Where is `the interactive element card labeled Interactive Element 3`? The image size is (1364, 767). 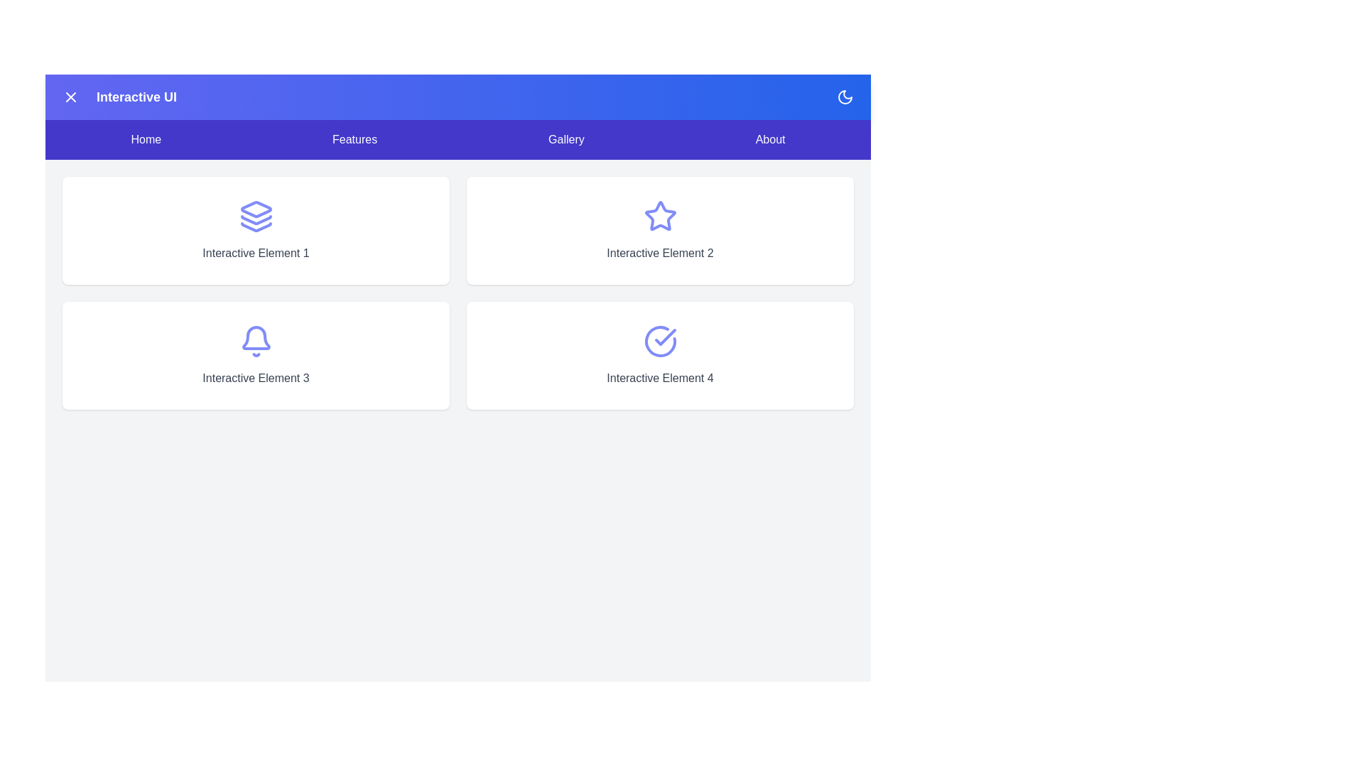 the interactive element card labeled Interactive Element 3 is located at coordinates (256, 355).